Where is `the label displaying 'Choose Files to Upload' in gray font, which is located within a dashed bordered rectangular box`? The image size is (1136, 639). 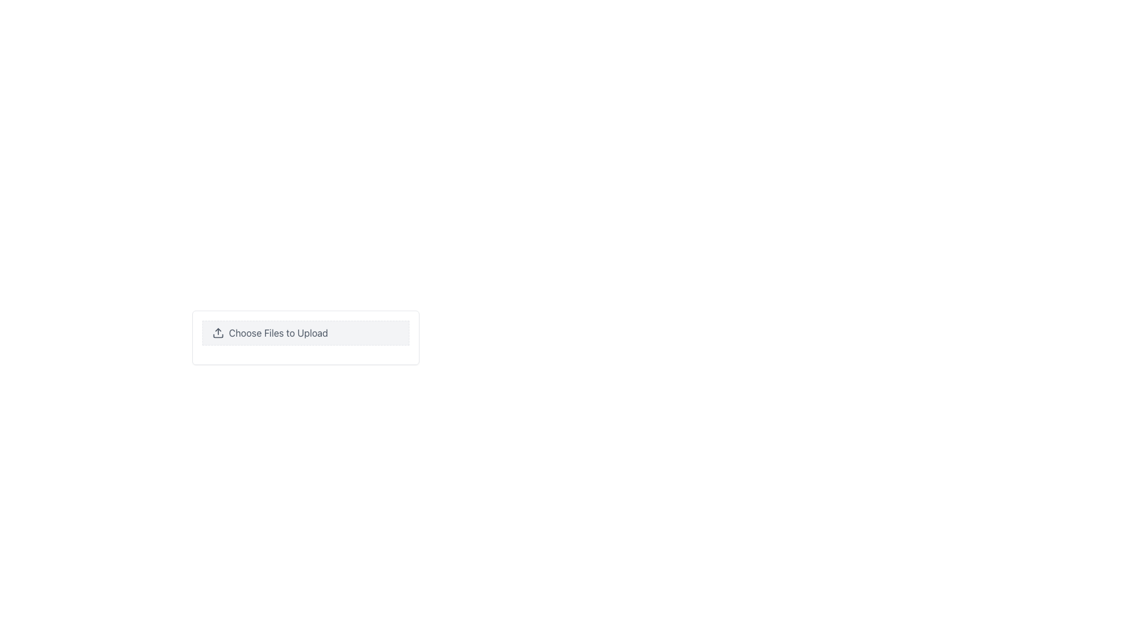 the label displaying 'Choose Files to Upload' in gray font, which is located within a dashed bordered rectangular box is located at coordinates (277, 333).